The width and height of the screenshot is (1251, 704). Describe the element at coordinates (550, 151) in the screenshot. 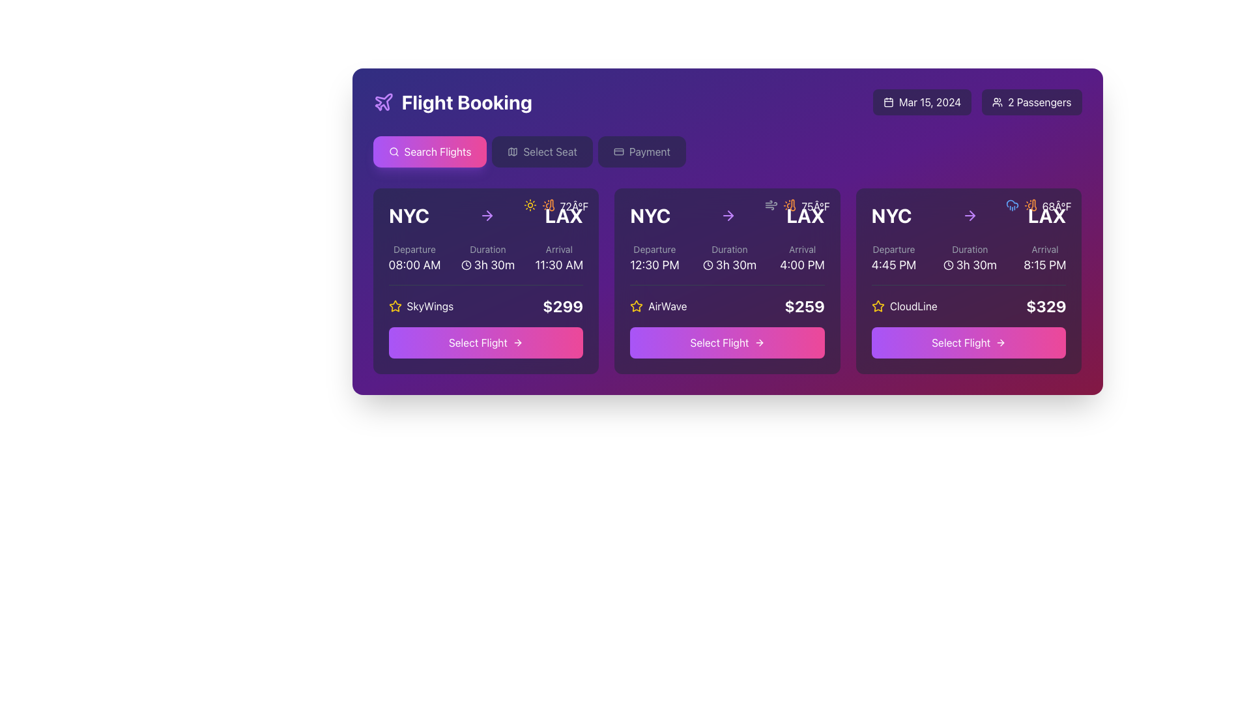

I see `the text label that serves as a title for the seat selection button located between 'Search Flights' and 'Payment'` at that location.